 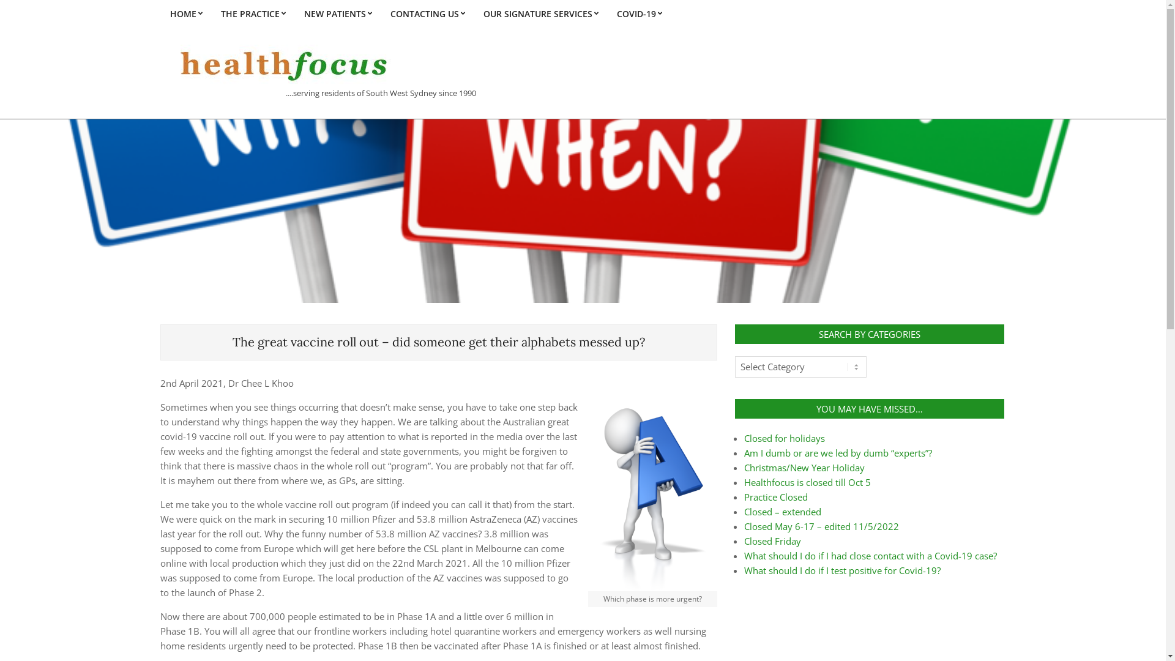 What do you see at coordinates (211, 13) in the screenshot?
I see `'THE PRACTICE'` at bounding box center [211, 13].